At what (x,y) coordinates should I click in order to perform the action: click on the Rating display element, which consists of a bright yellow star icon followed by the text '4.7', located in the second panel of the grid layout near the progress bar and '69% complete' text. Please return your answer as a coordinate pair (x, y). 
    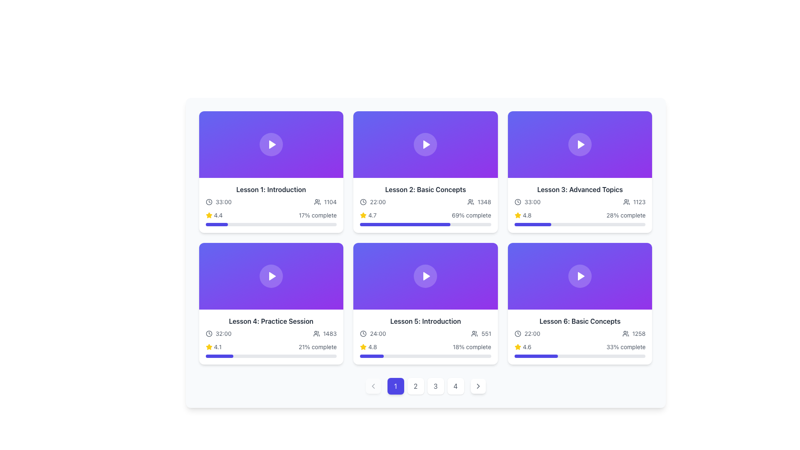
    Looking at the image, I should click on (367, 215).